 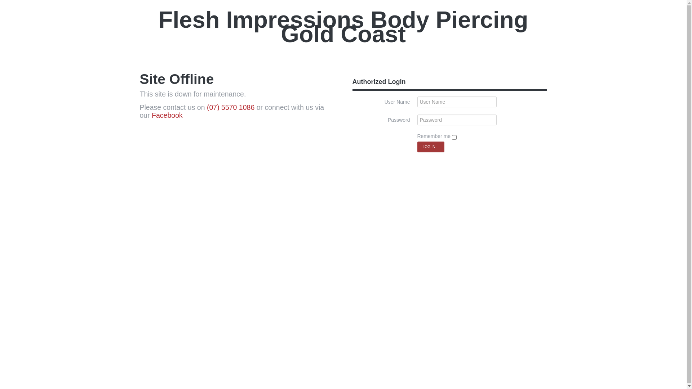 I want to click on 'Log in', so click(x=417, y=147).